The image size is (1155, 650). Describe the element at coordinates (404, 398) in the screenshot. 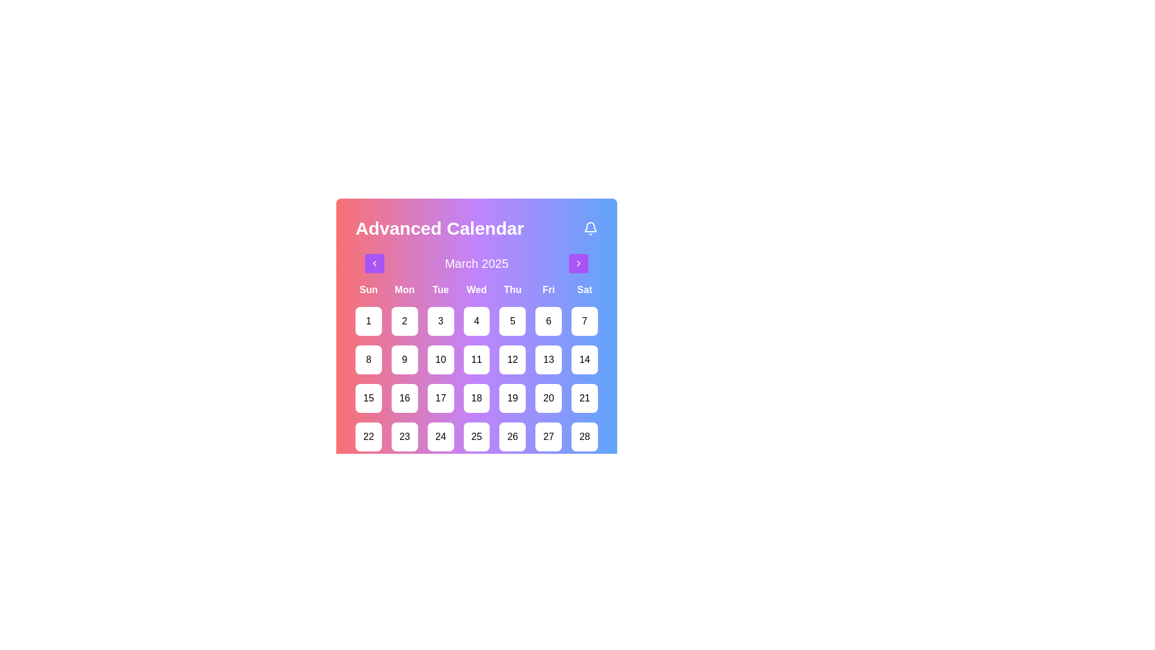

I see `the button representing the date '16' in the calendar interface` at that location.